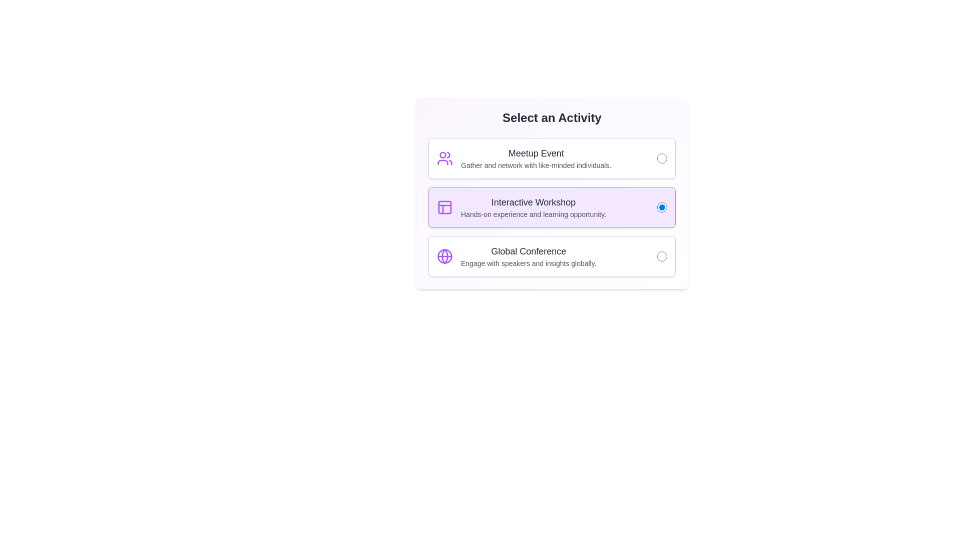  I want to click on the text label displaying 'Global Conference', which is located in the third selectable section of the 'Select an Activity' interface, above the descriptive text 'Engage with speakers and insights globally', so click(528, 250).